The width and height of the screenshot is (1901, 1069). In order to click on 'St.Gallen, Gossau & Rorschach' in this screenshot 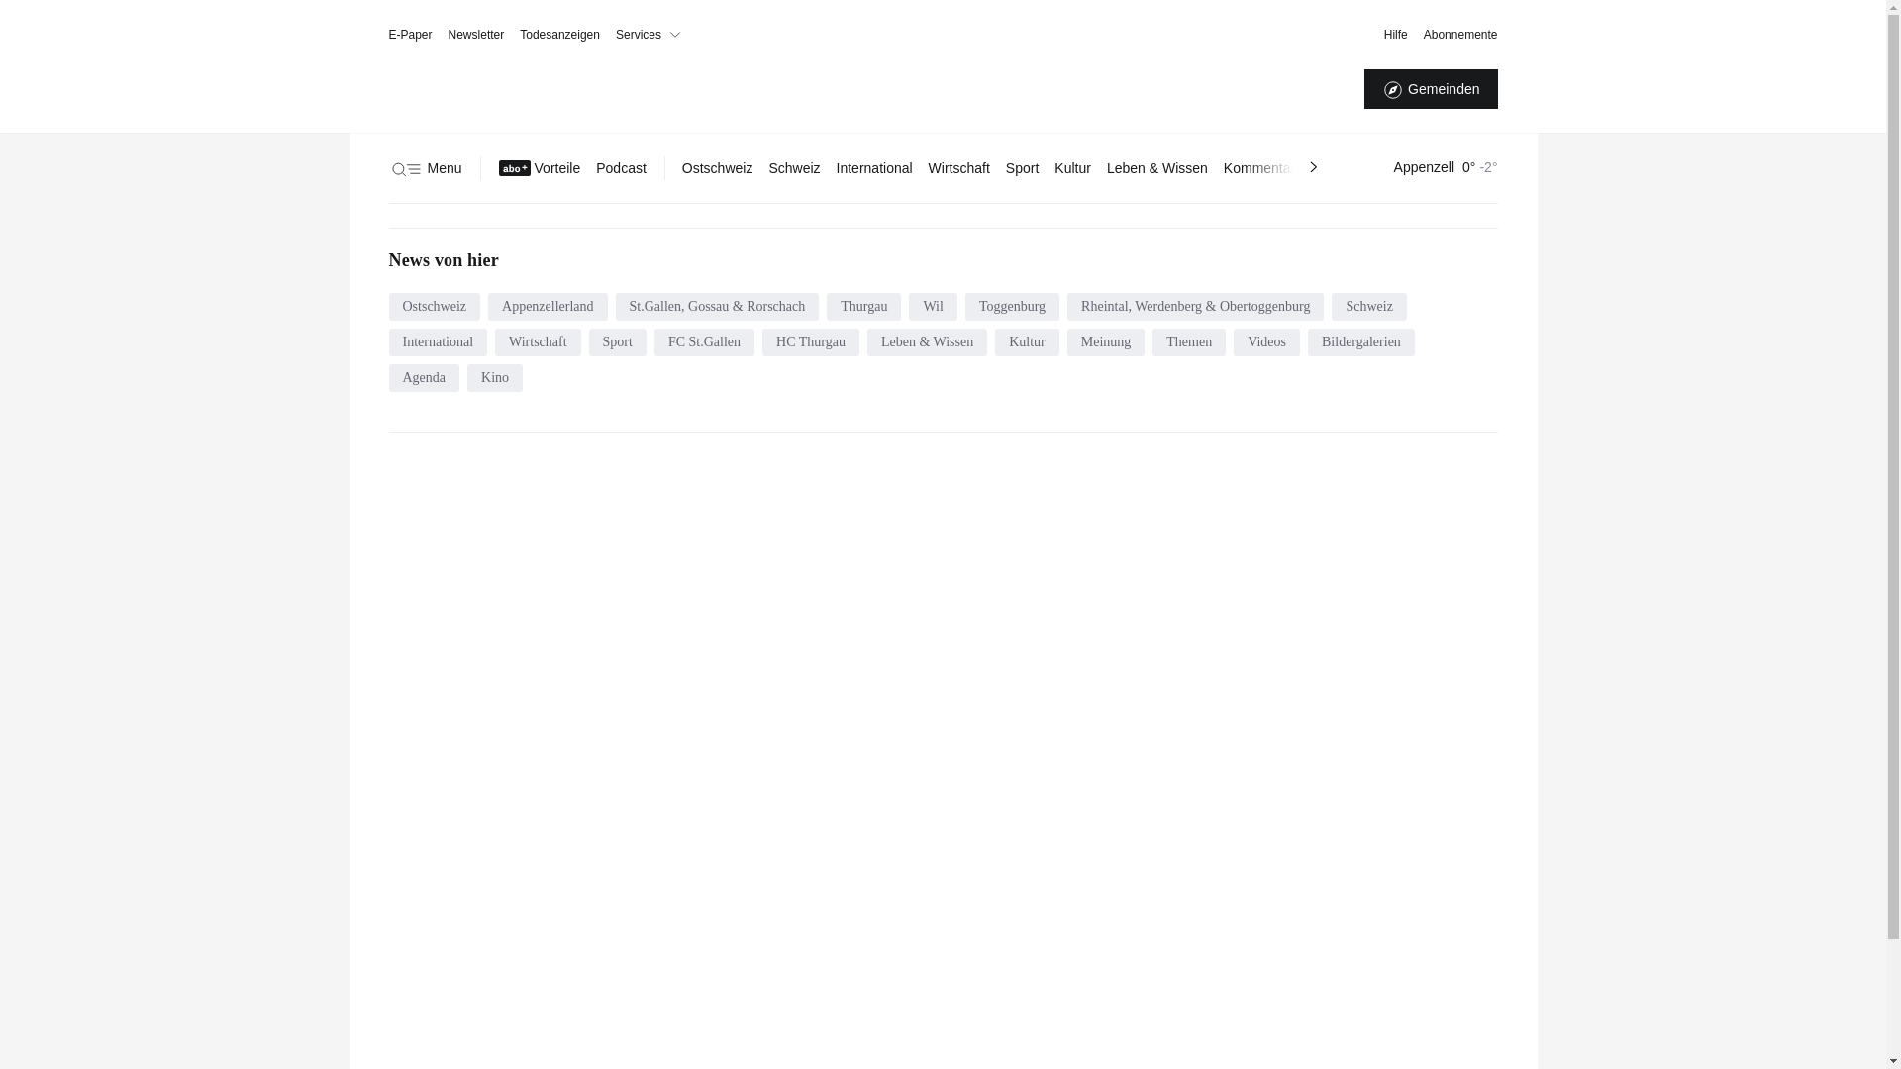, I will do `click(716, 306)`.